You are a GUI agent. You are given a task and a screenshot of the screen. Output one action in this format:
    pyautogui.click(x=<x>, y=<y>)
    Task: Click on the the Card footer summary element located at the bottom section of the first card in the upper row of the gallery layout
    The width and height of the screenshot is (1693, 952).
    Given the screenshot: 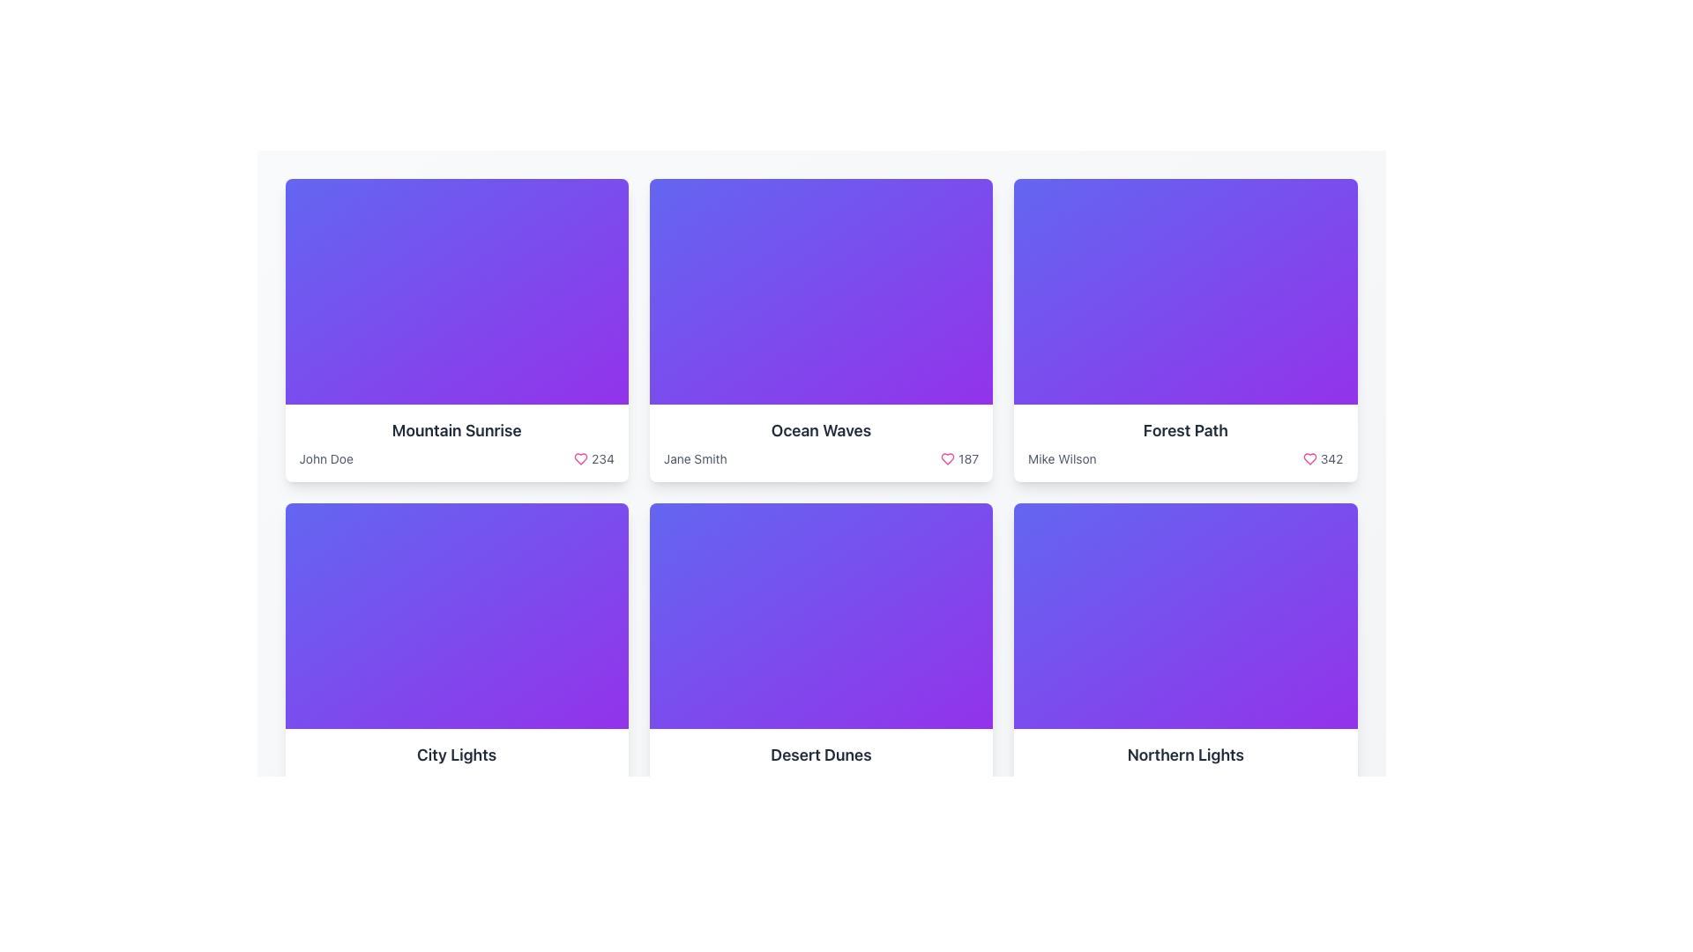 What is the action you would take?
    pyautogui.click(x=457, y=442)
    